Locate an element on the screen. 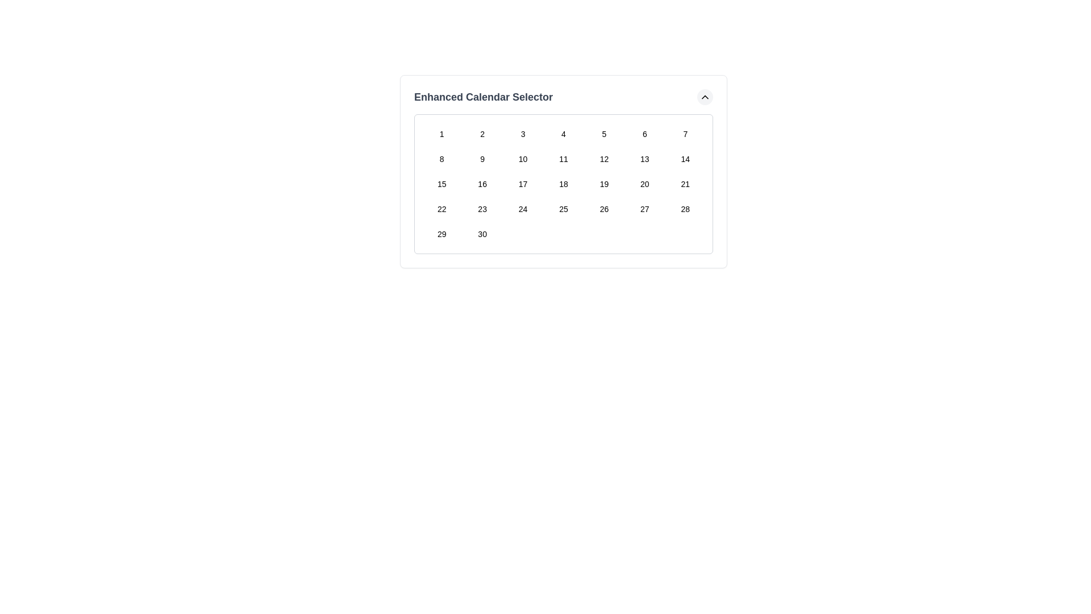 The height and width of the screenshot is (614, 1091). the calendar day cell button labeled '9' in the Enhanced Calendar Selector, which is located in the second row and second column of the calendar layout is located at coordinates (482, 159).